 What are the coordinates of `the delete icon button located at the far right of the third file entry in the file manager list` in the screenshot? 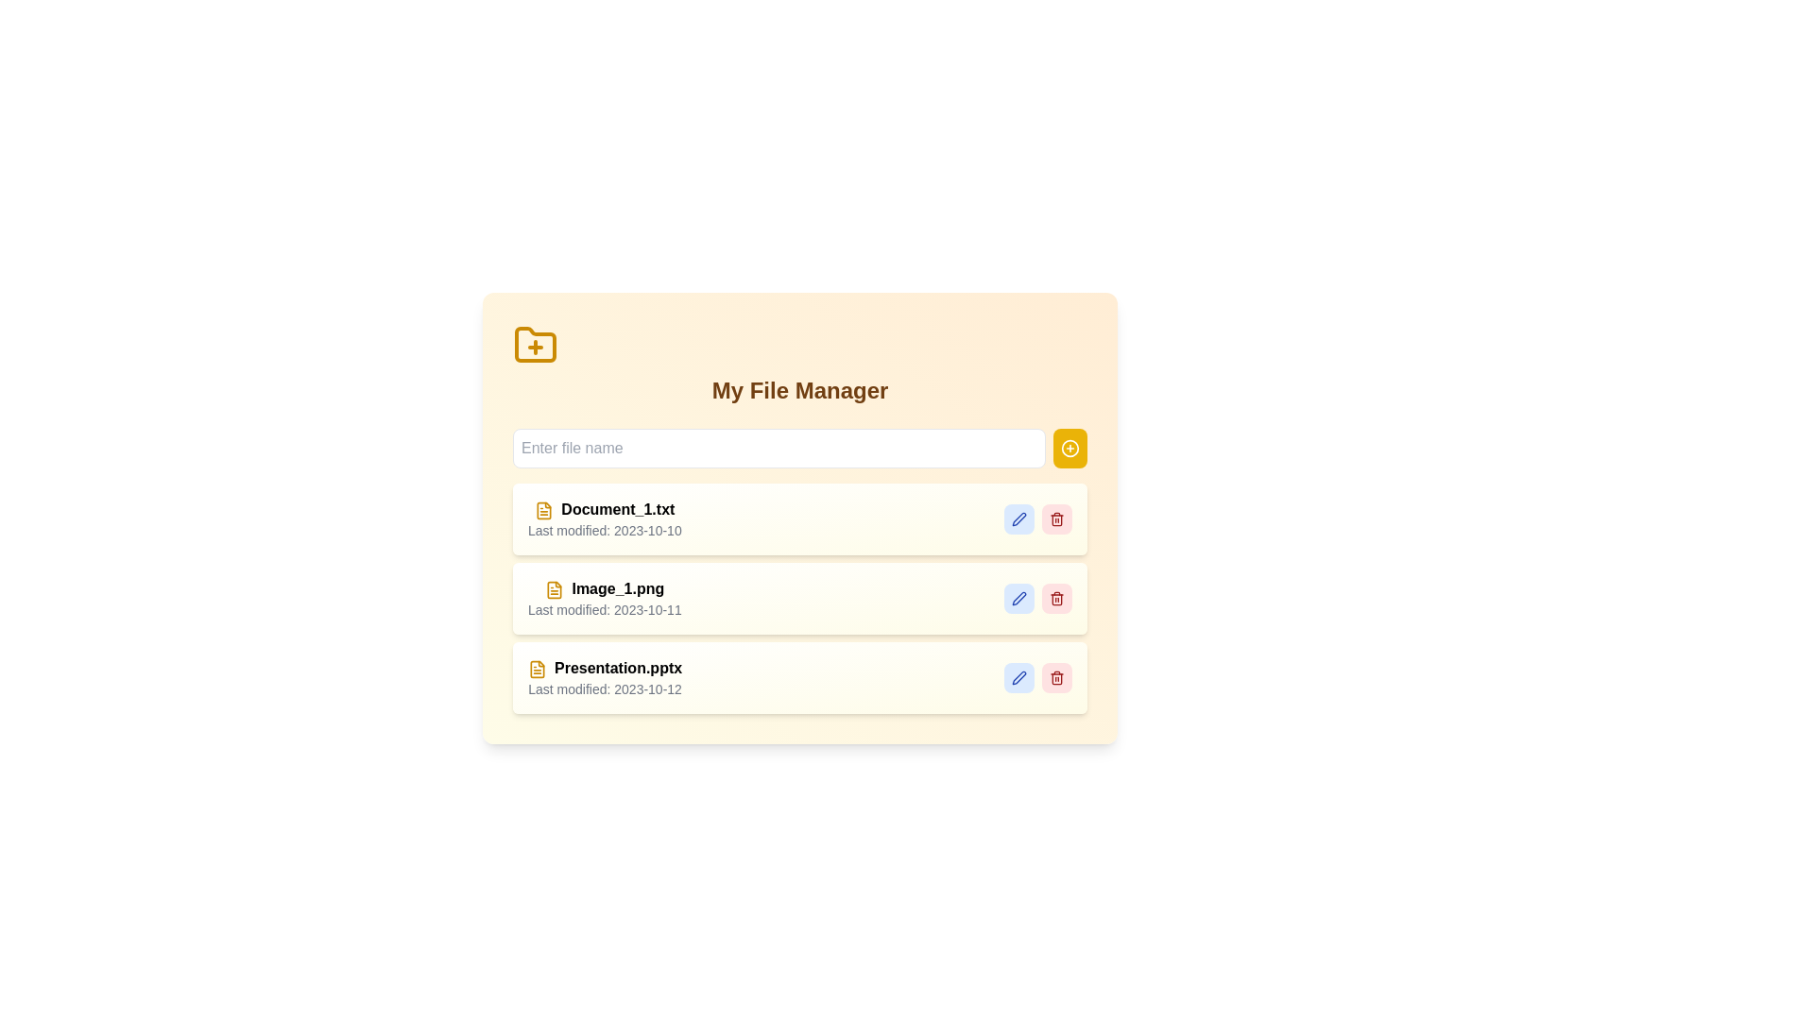 It's located at (1055, 519).